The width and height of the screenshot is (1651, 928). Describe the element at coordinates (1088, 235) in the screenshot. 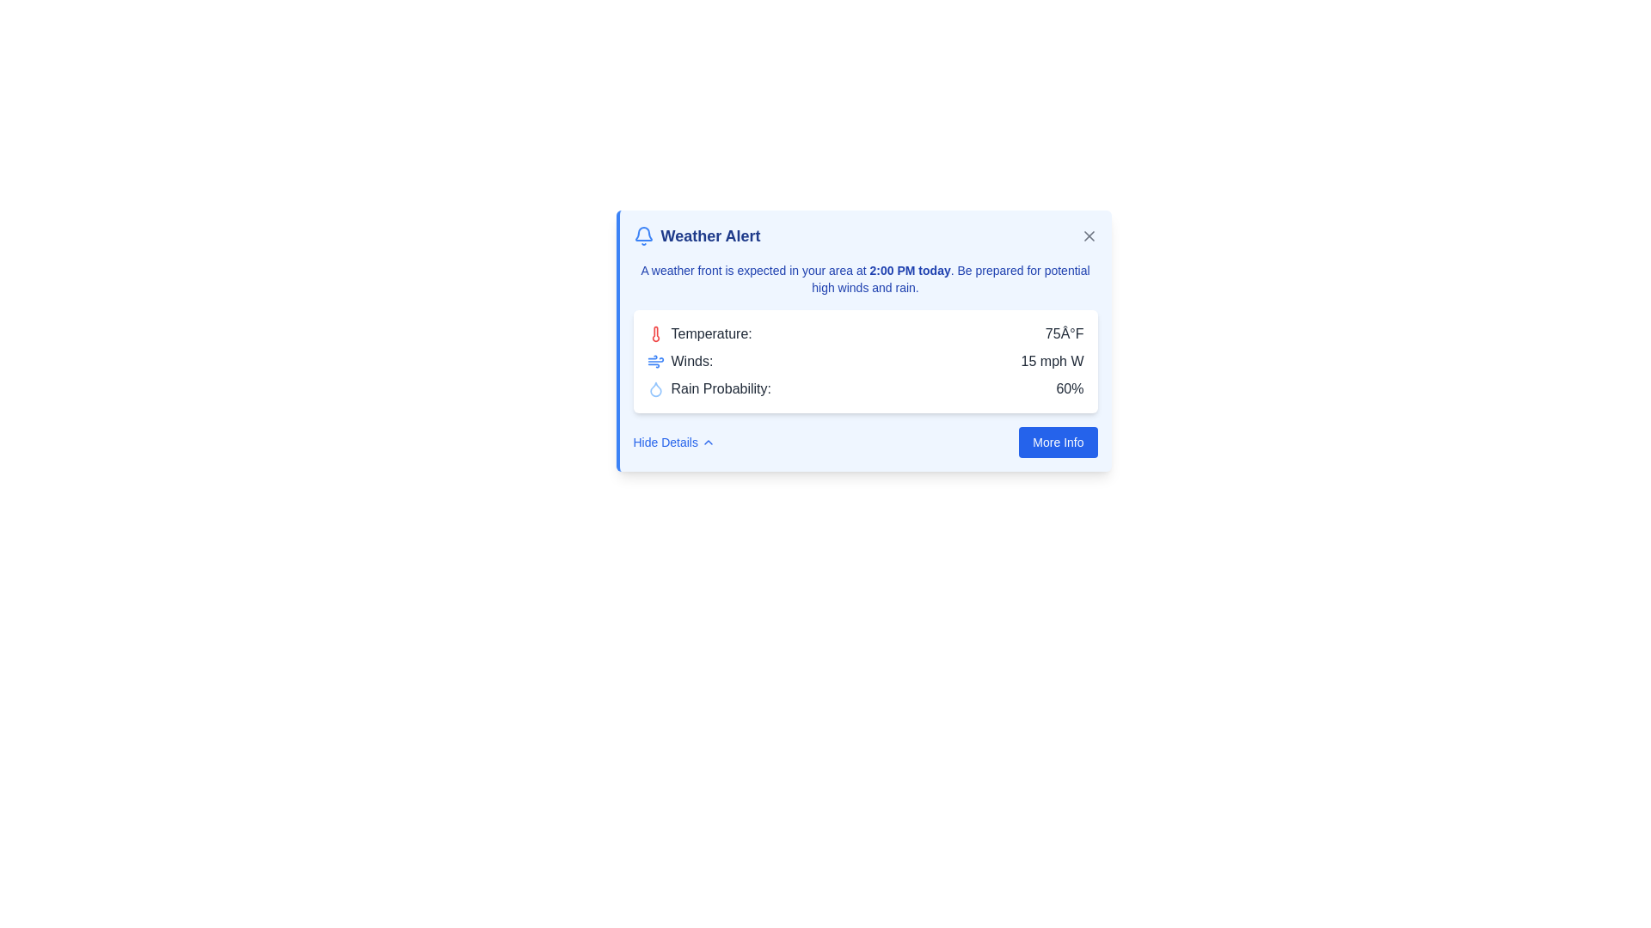

I see `the gray 'X' button located at the top right corner of the 'Weather Alert' notification panel to observe visual feedback` at that location.